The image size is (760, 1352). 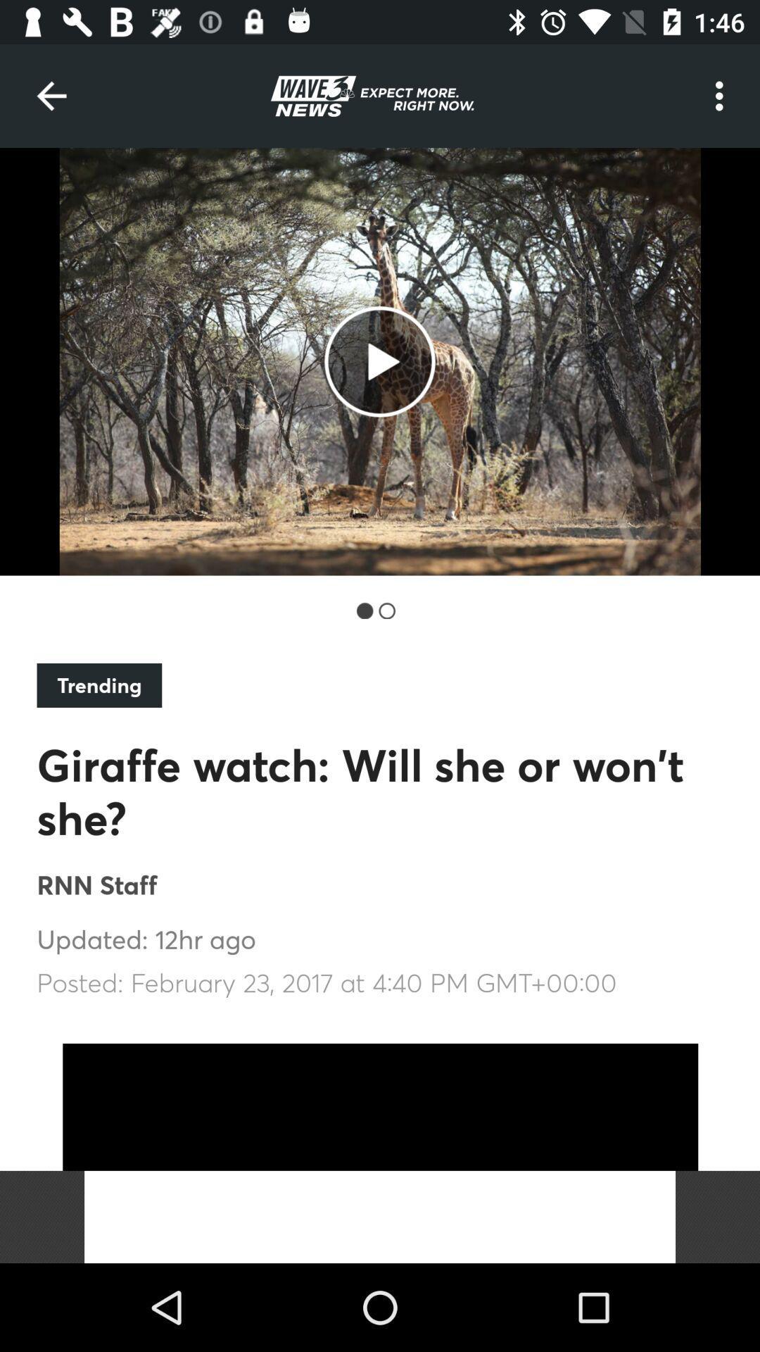 I want to click on item at the top right corner, so click(x=723, y=95).